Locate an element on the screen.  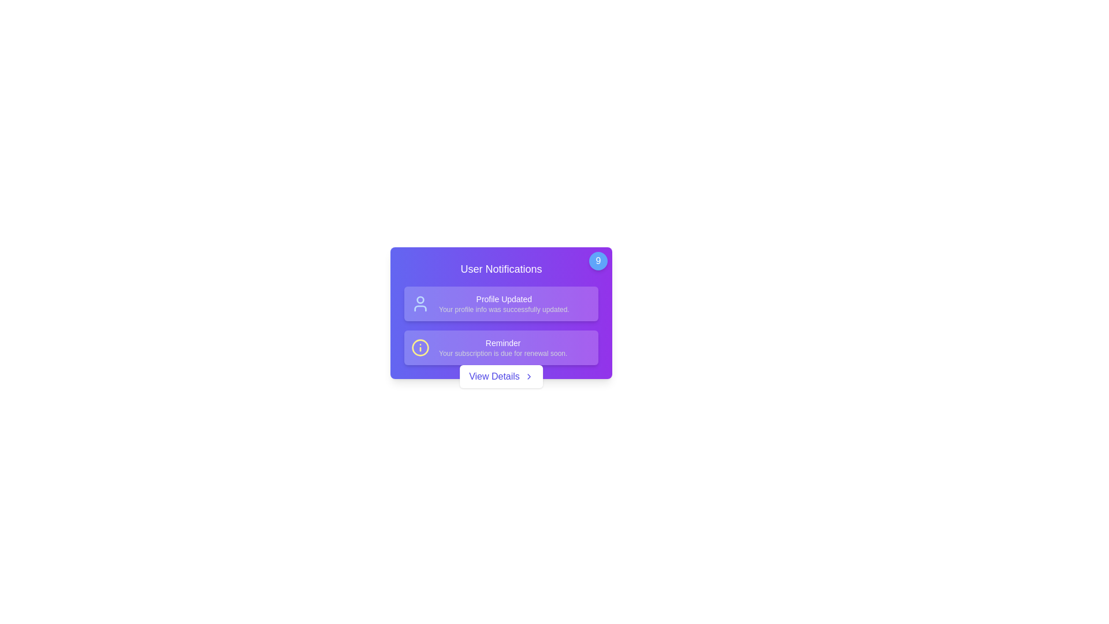
information contained in the second notification item of the Notification Panel, which is located below the 'Profile Updated' notification and above the 'View Details' button is located at coordinates (501, 347).